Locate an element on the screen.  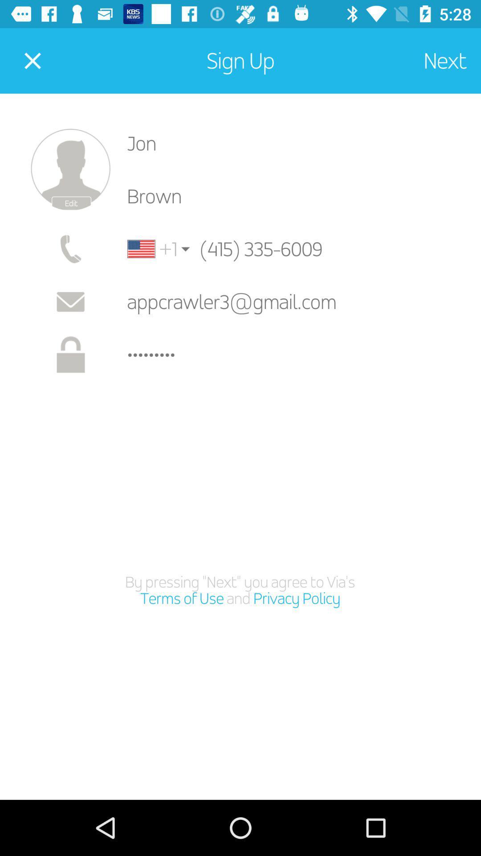
the crowd3116 item is located at coordinates (297, 354).